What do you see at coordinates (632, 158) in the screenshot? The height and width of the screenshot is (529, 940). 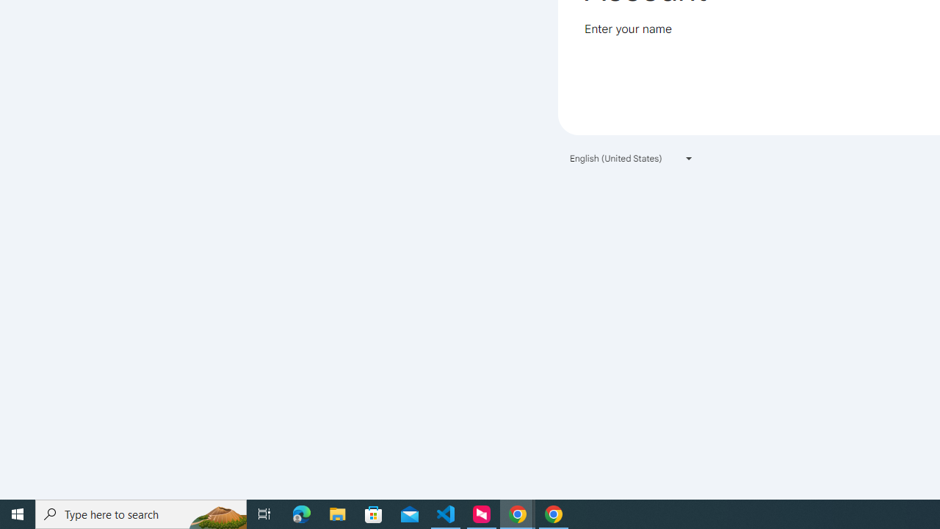 I see `'English (United States)'` at bounding box center [632, 158].